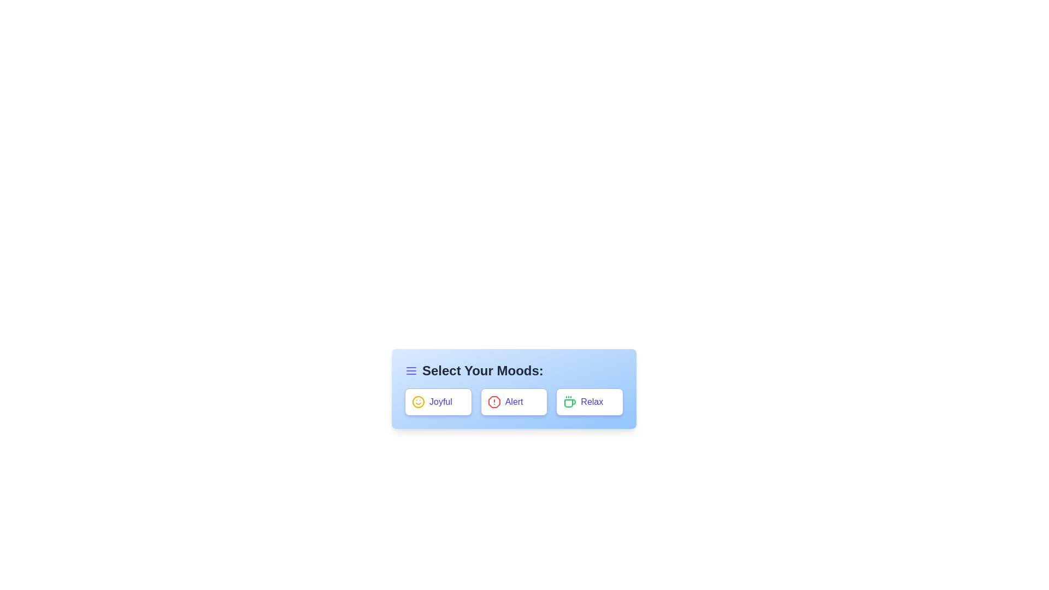  I want to click on the 'Alert' button to observe its effect, so click(513, 402).